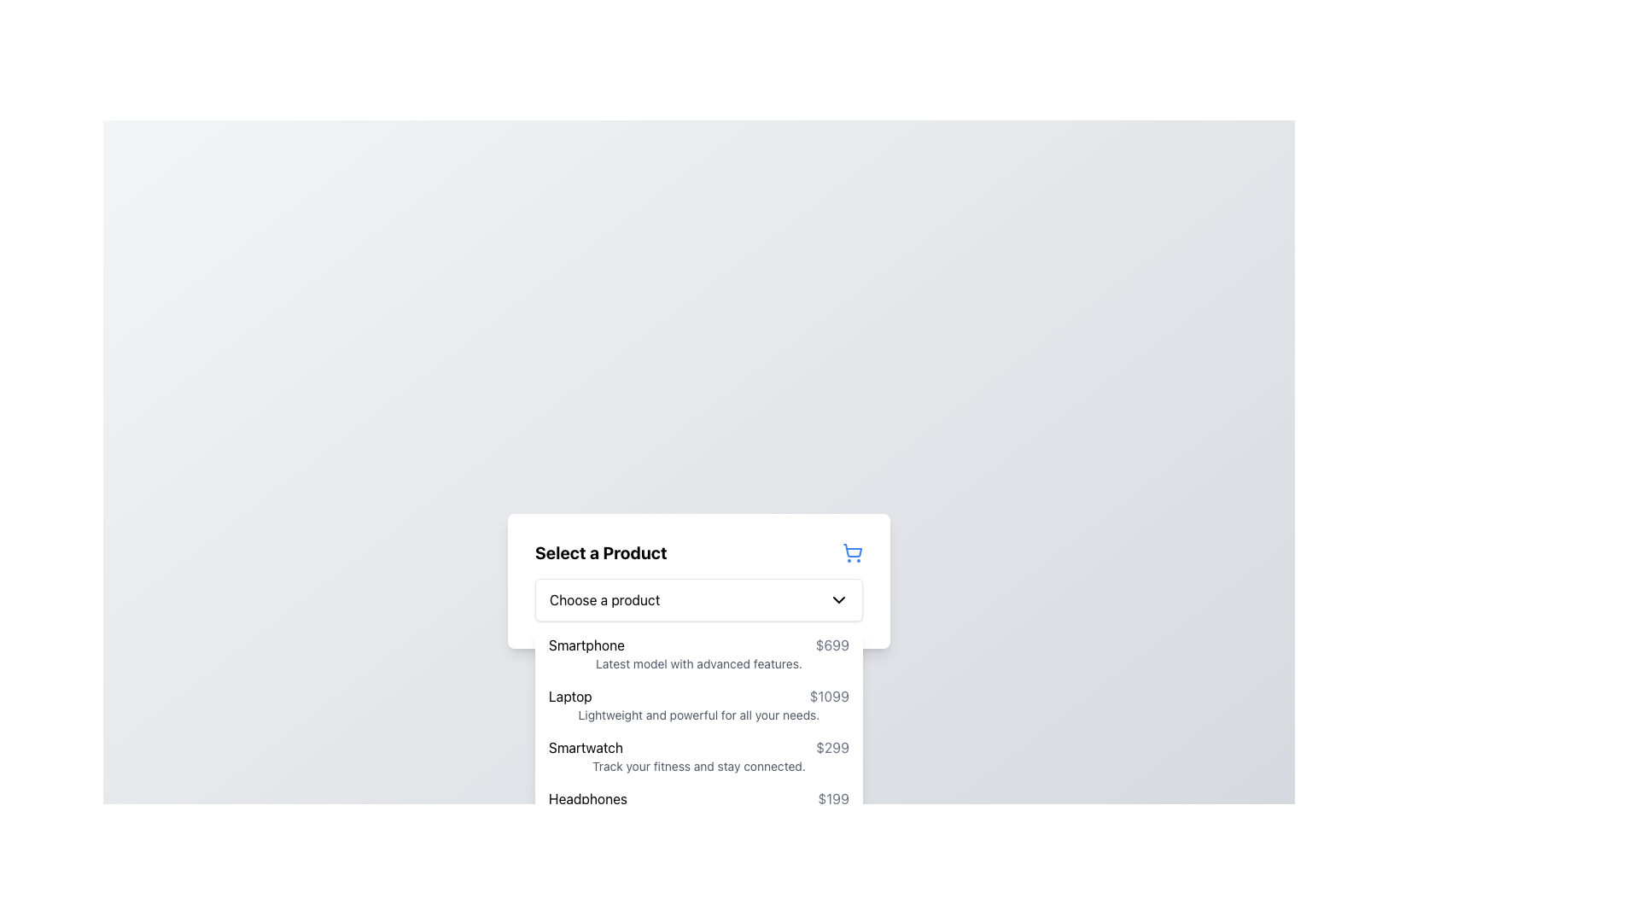 This screenshot has height=922, width=1639. I want to click on the product information element displaying 'Smartphone' priced at '$699', which is the first item in the dropdown list of the 'Select a Product' section, so click(699, 645).